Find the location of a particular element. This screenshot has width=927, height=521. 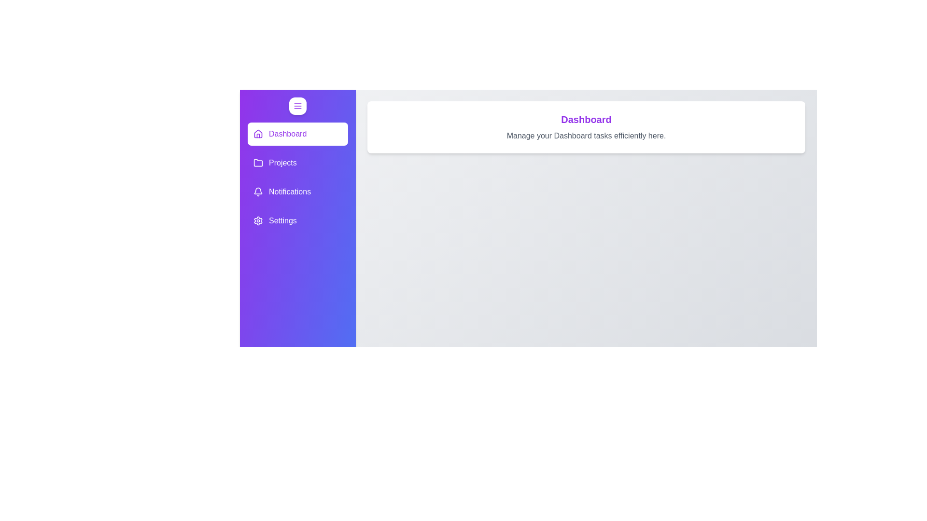

the element labeled Notifications to observe its hover effects is located at coordinates (297, 192).